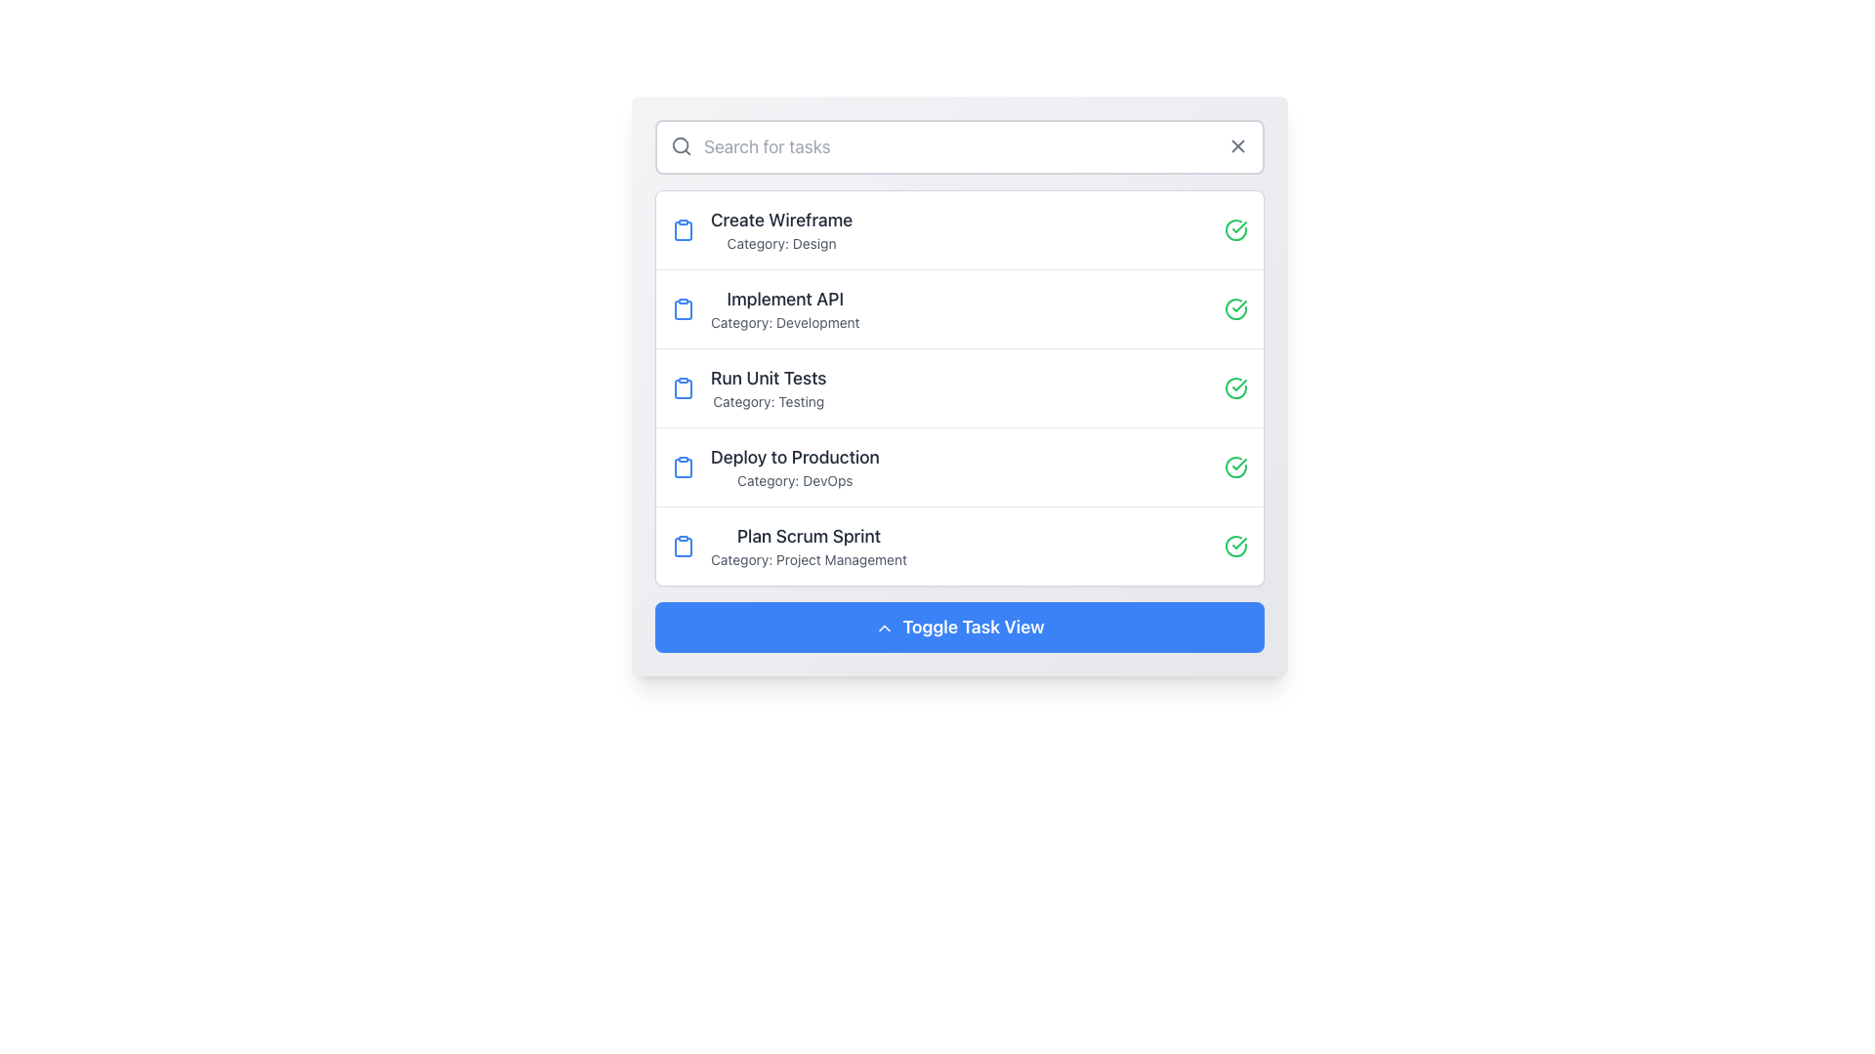  Describe the element at coordinates (809, 537) in the screenshot. I see `the text label displaying 'Plan Scrum Sprint', which is a bold title in a darker shade, positioned as the fifth item in a vertical list of tasks` at that location.